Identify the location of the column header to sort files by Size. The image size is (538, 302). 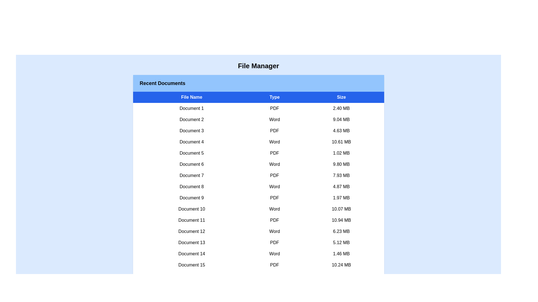
(341, 97).